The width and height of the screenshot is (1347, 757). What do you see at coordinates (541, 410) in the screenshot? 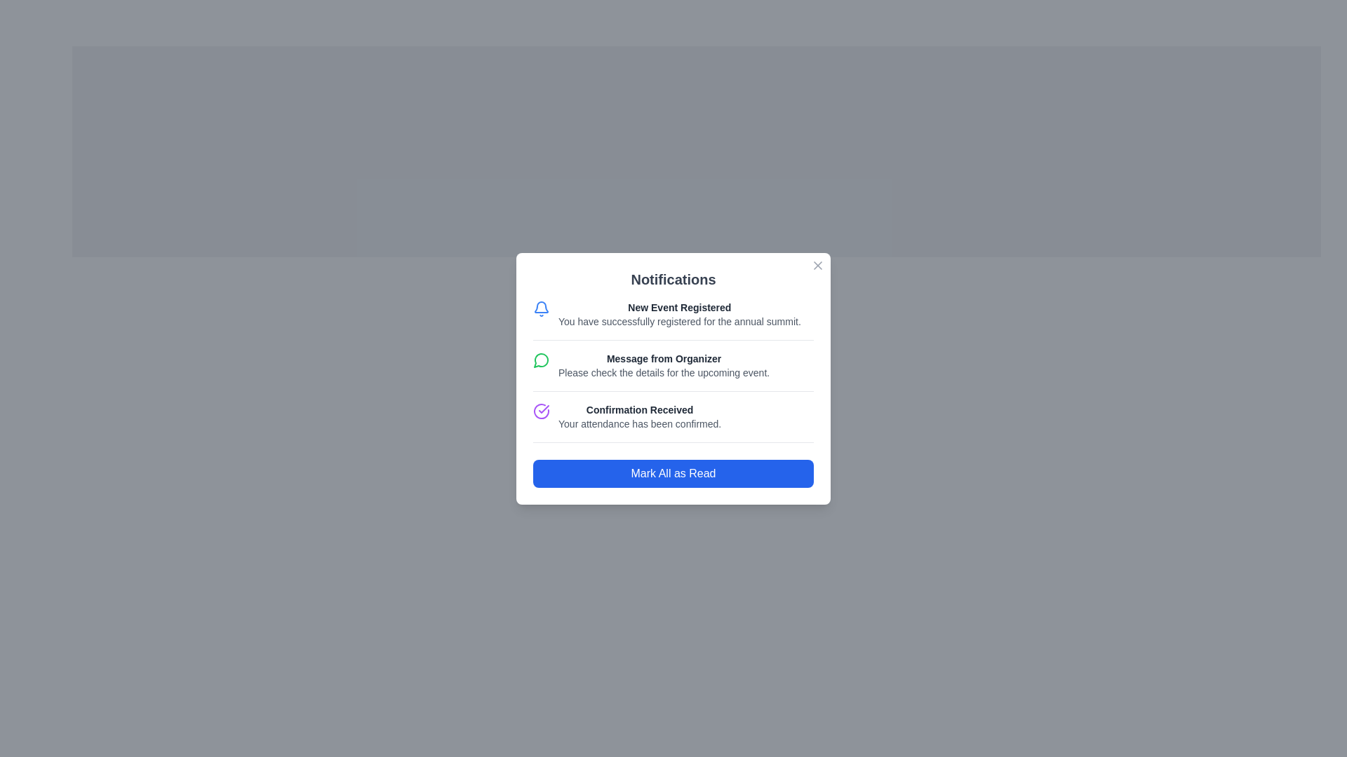
I see `the notification row containing the confirmation icon, which indicates a positive status for the action confirmed` at bounding box center [541, 410].